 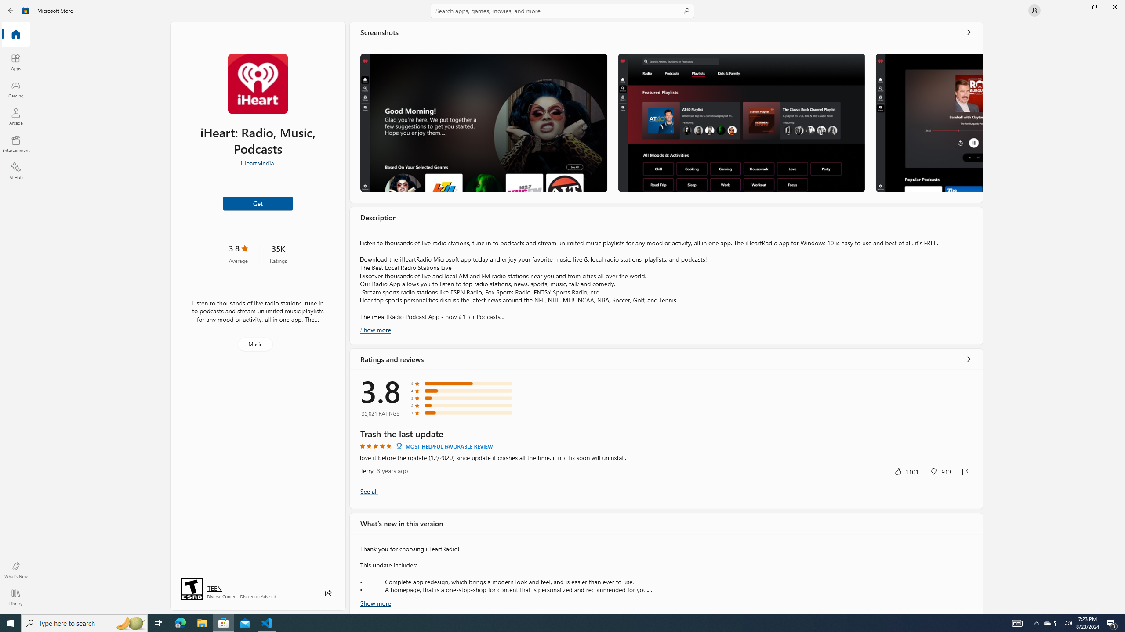 I want to click on 'Share', so click(x=328, y=593).